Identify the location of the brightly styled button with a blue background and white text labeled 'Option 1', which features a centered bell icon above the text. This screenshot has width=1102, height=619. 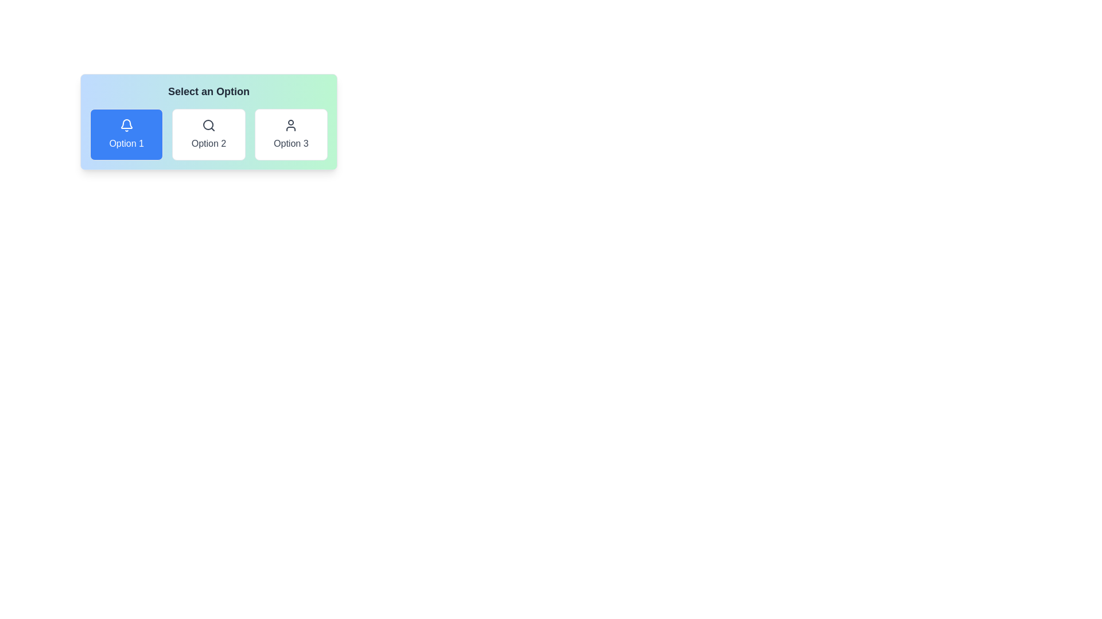
(126, 134).